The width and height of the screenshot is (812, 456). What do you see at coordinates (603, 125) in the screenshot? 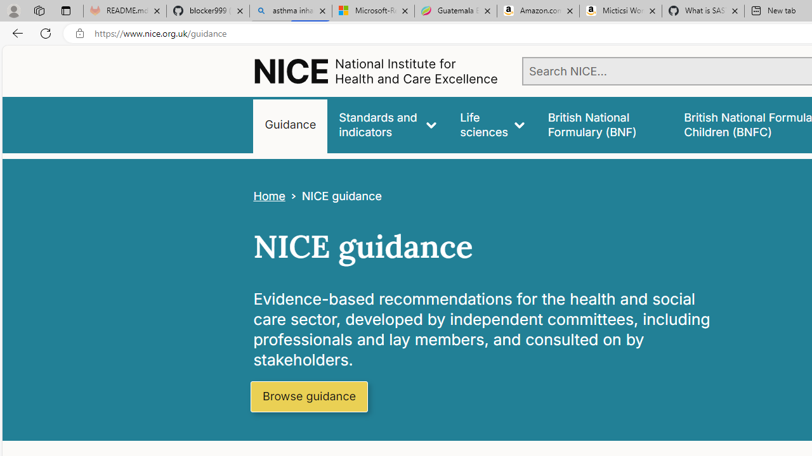
I see `'false'` at bounding box center [603, 125].